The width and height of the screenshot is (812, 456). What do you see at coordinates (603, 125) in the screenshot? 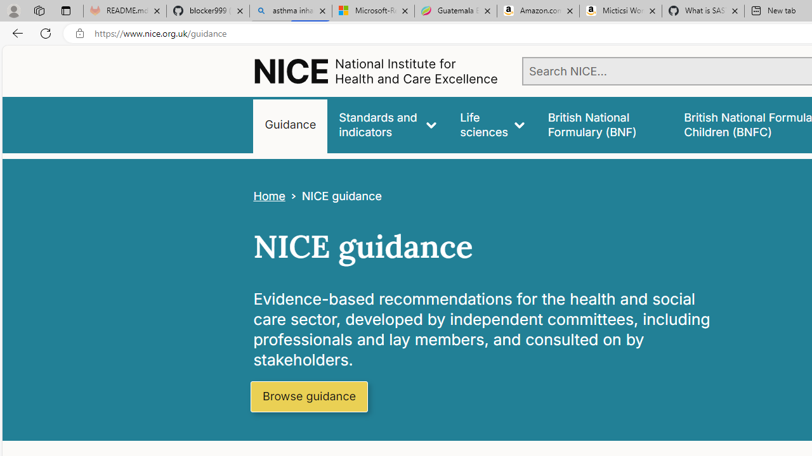
I see `'false'` at bounding box center [603, 125].